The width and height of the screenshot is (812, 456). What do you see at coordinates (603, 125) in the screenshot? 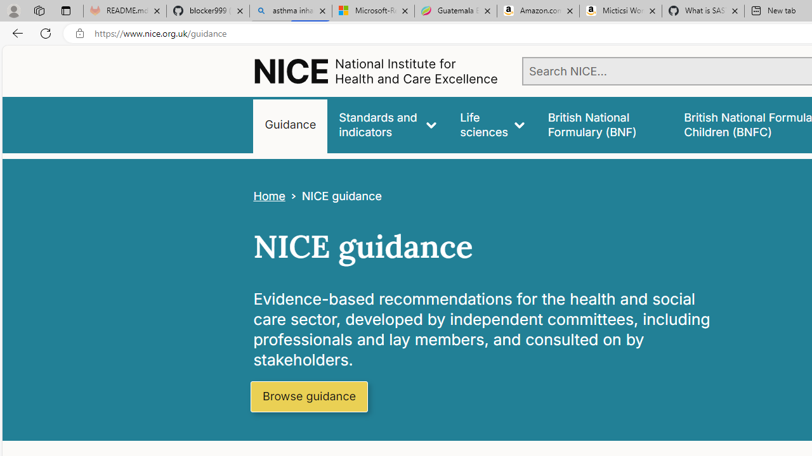
I see `'false'` at bounding box center [603, 125].